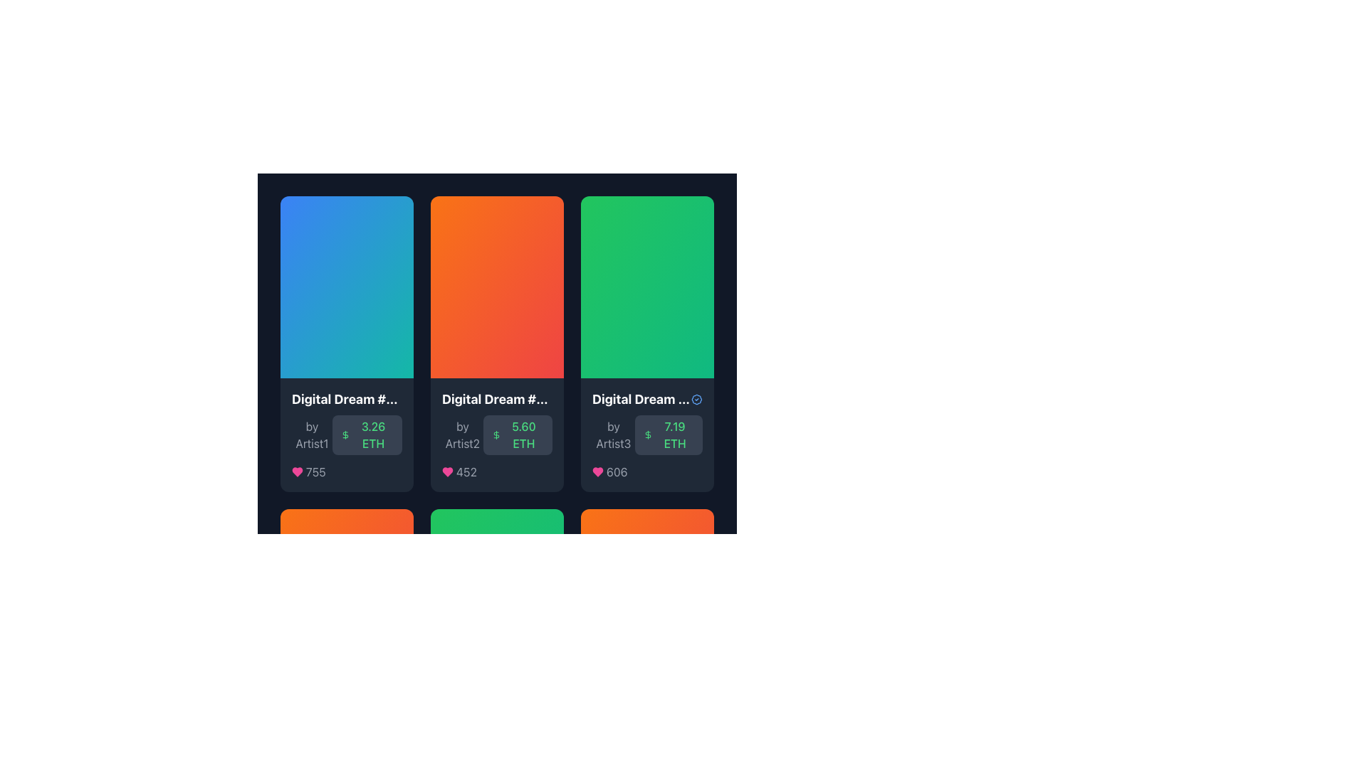 This screenshot has width=1367, height=768. Describe the element at coordinates (367, 434) in the screenshot. I see `the label displaying '3.26 ETH' styled in medium green font, which is located beneath the label 'by Artist1' in a three-column grid` at that location.